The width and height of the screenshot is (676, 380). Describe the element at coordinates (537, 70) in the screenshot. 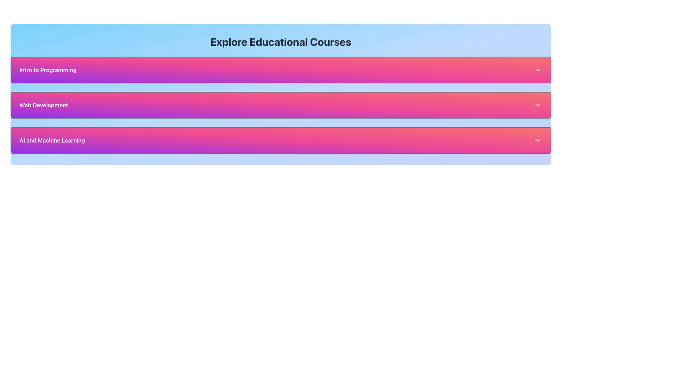

I see `the downward-facing chevron icon located on the right side of the 'Intro to Programming' header` at that location.